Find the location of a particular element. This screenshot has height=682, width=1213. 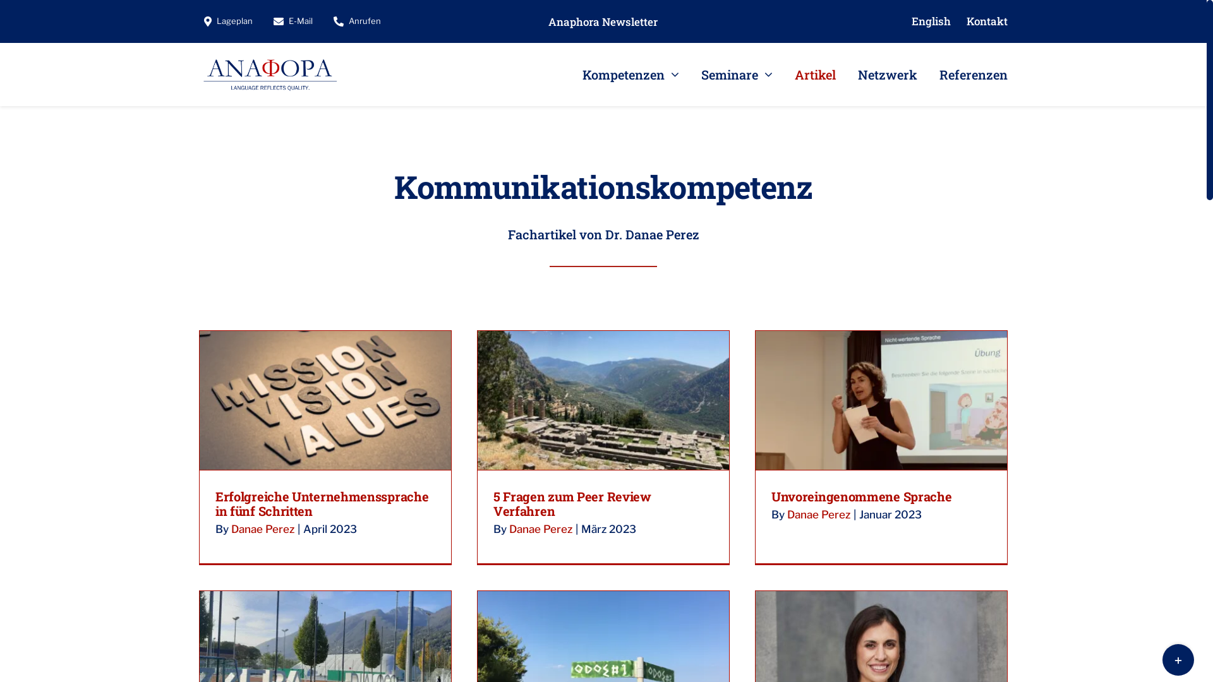

'5 Fragen zum Peer Review Verfahren' is located at coordinates (572, 503).